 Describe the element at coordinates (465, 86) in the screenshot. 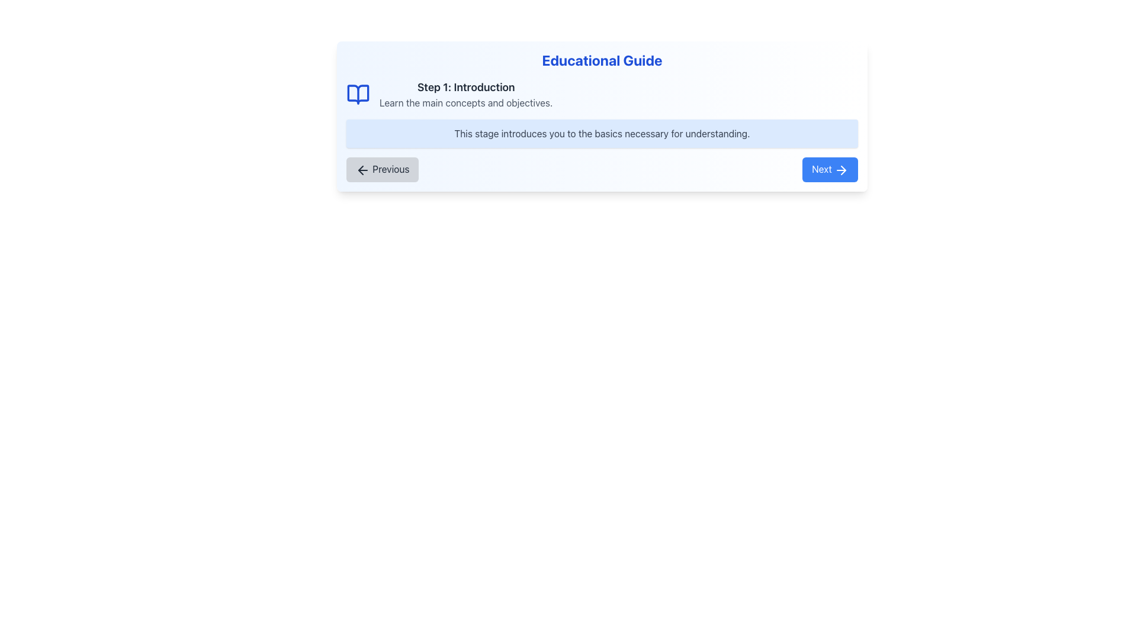

I see `the Static Text Label that serves as a heading for the current section, located above the supporting description and below the title 'Educational Guide'` at that location.